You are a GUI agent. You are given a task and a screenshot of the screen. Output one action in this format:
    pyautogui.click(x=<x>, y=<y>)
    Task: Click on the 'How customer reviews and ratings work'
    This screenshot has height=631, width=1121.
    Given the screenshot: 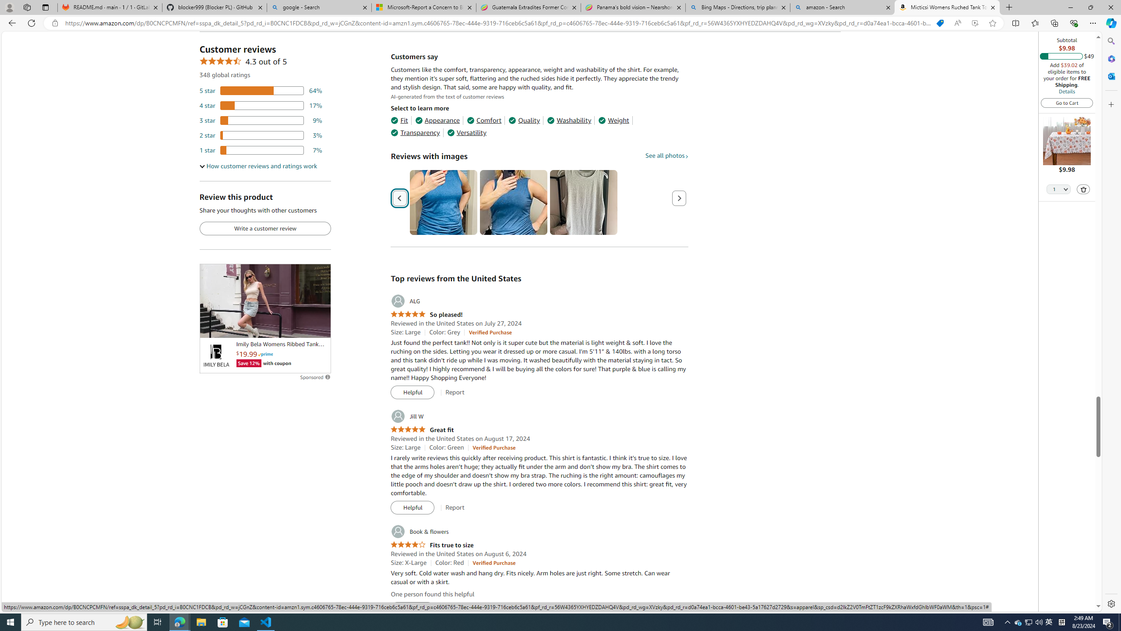 What is the action you would take?
    pyautogui.click(x=258, y=166)
    